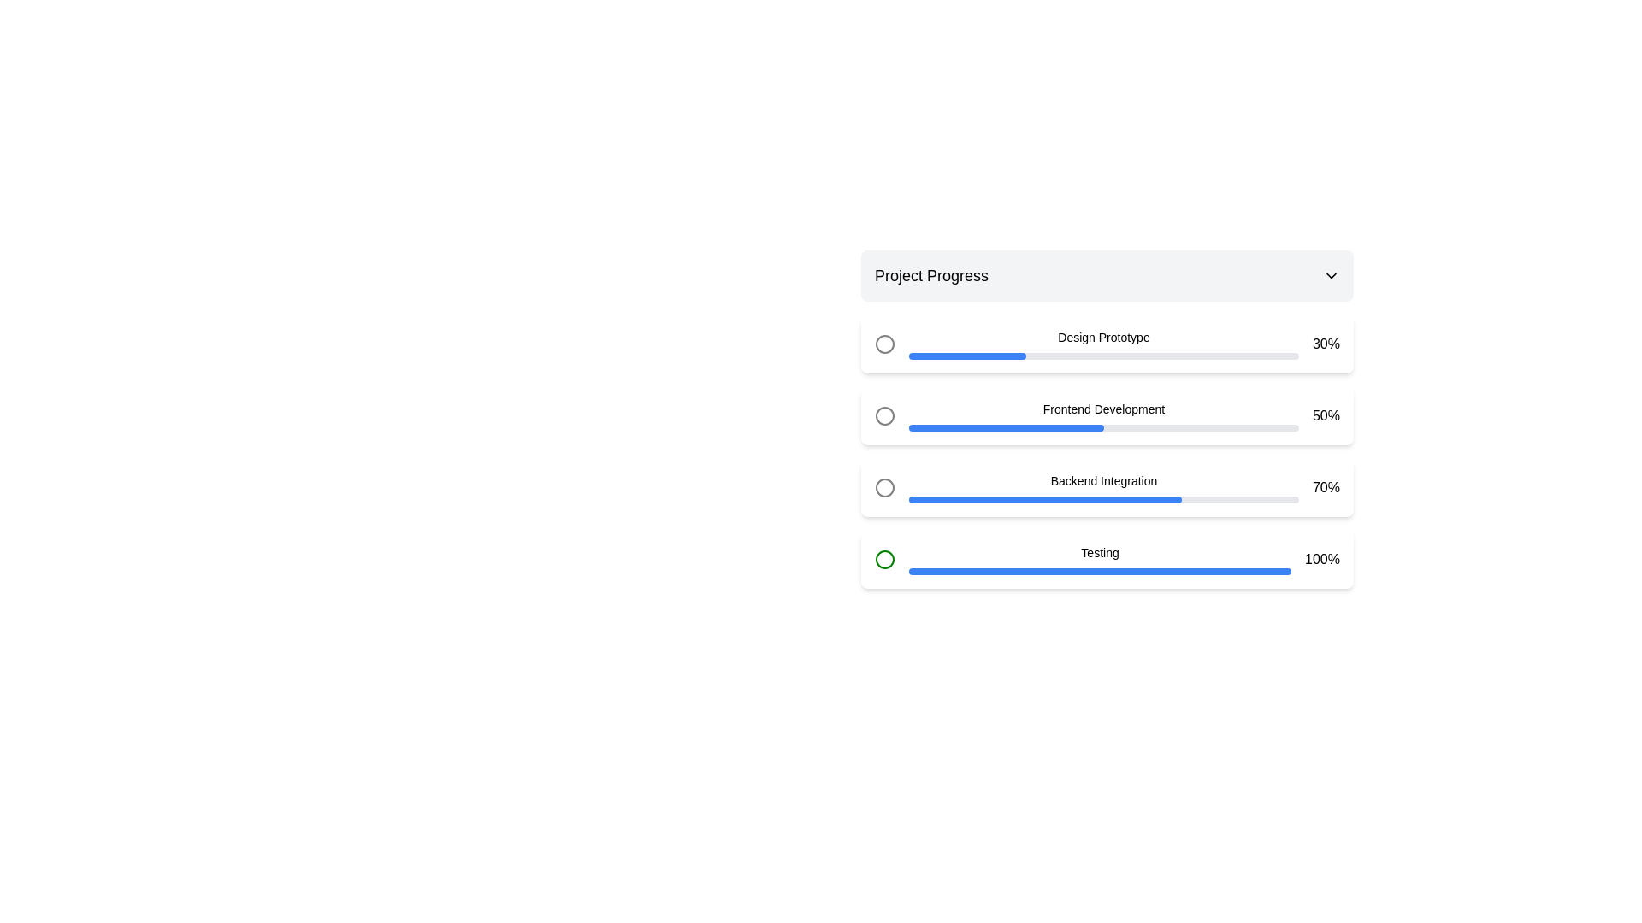 Image resolution: width=1642 pixels, height=923 pixels. Describe the element at coordinates (1104, 500) in the screenshot. I see `progress bar representing 'Backend Integration' with a completion rate of 70%, located below the text and beside the numerical indicator '70%', which is the third progress bar in the vertical list` at that location.